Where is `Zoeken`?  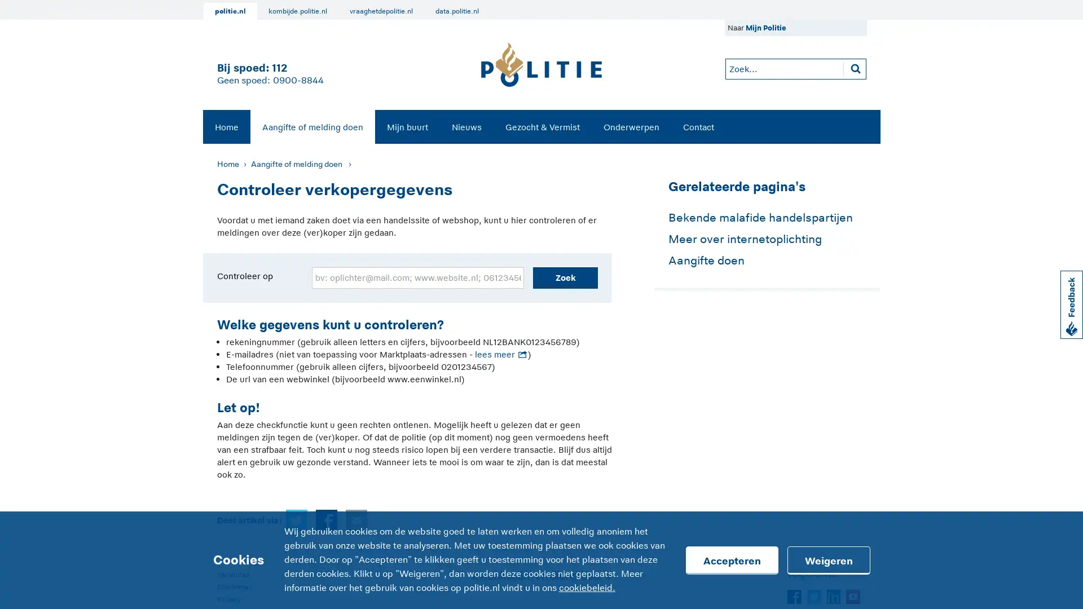
Zoeken is located at coordinates (852, 69).